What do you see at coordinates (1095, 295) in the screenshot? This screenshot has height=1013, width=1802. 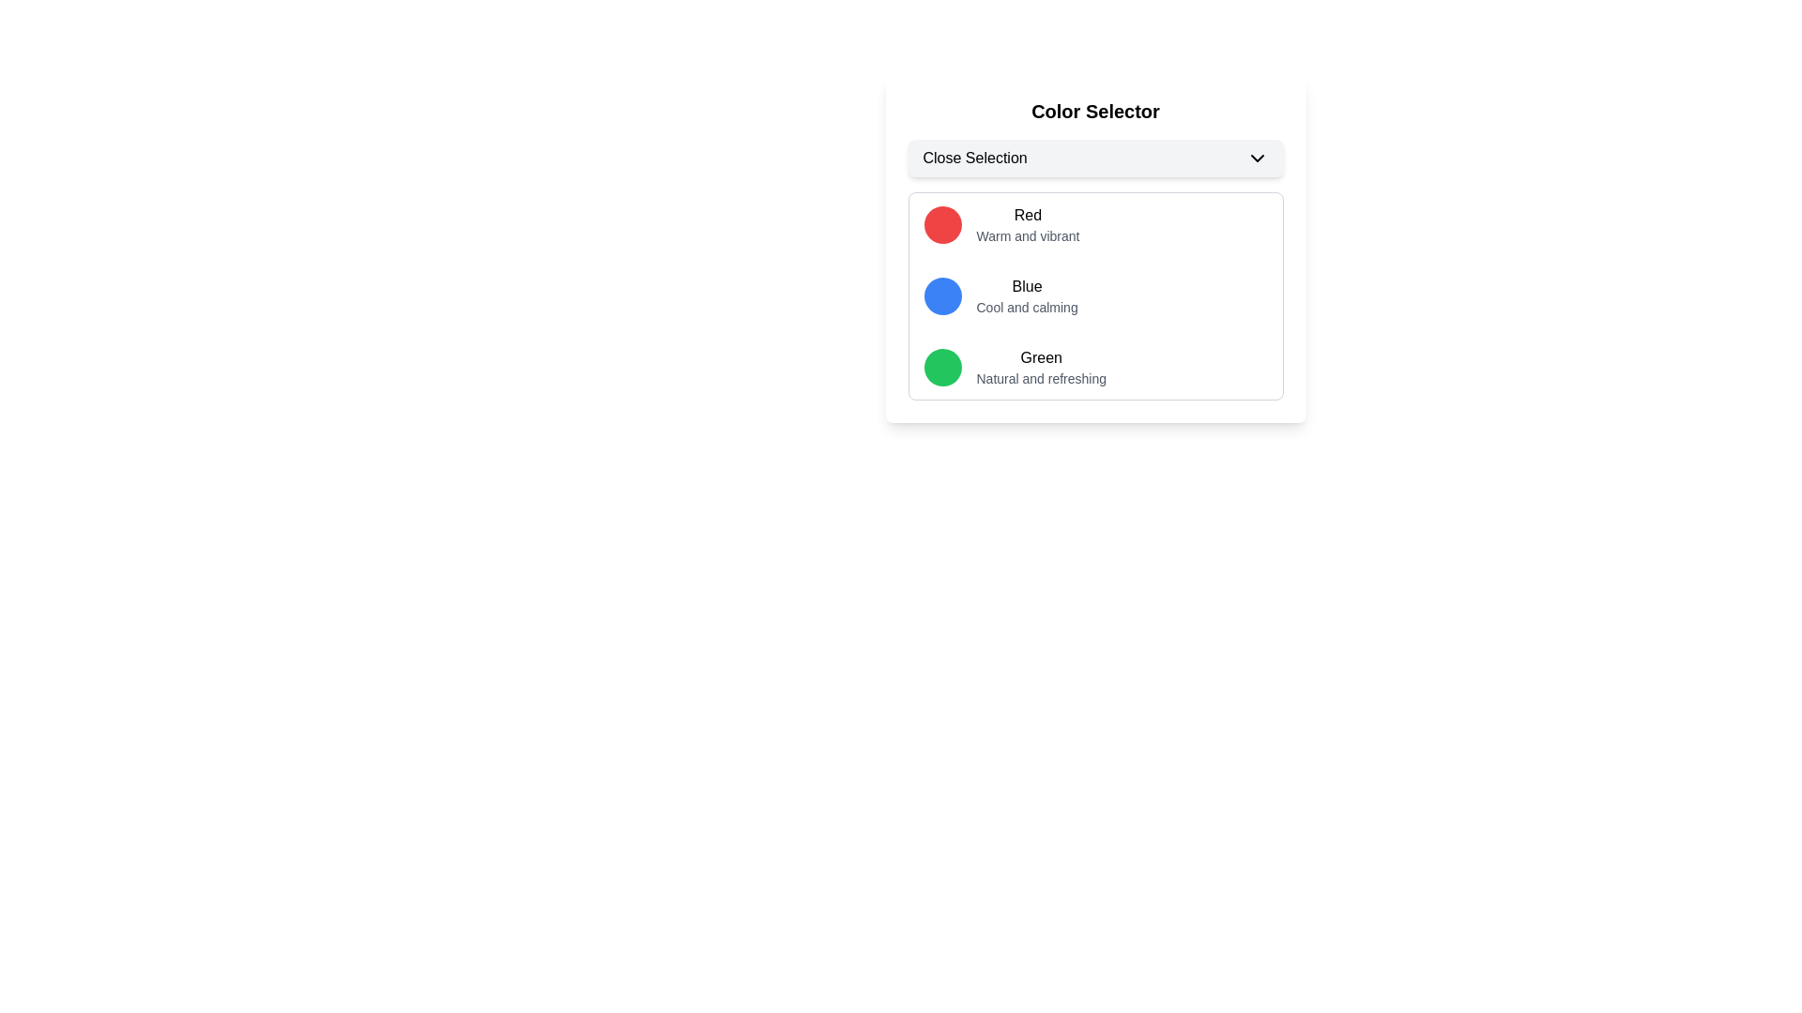 I see `the second selectable list item labeled 'Blue'` at bounding box center [1095, 295].